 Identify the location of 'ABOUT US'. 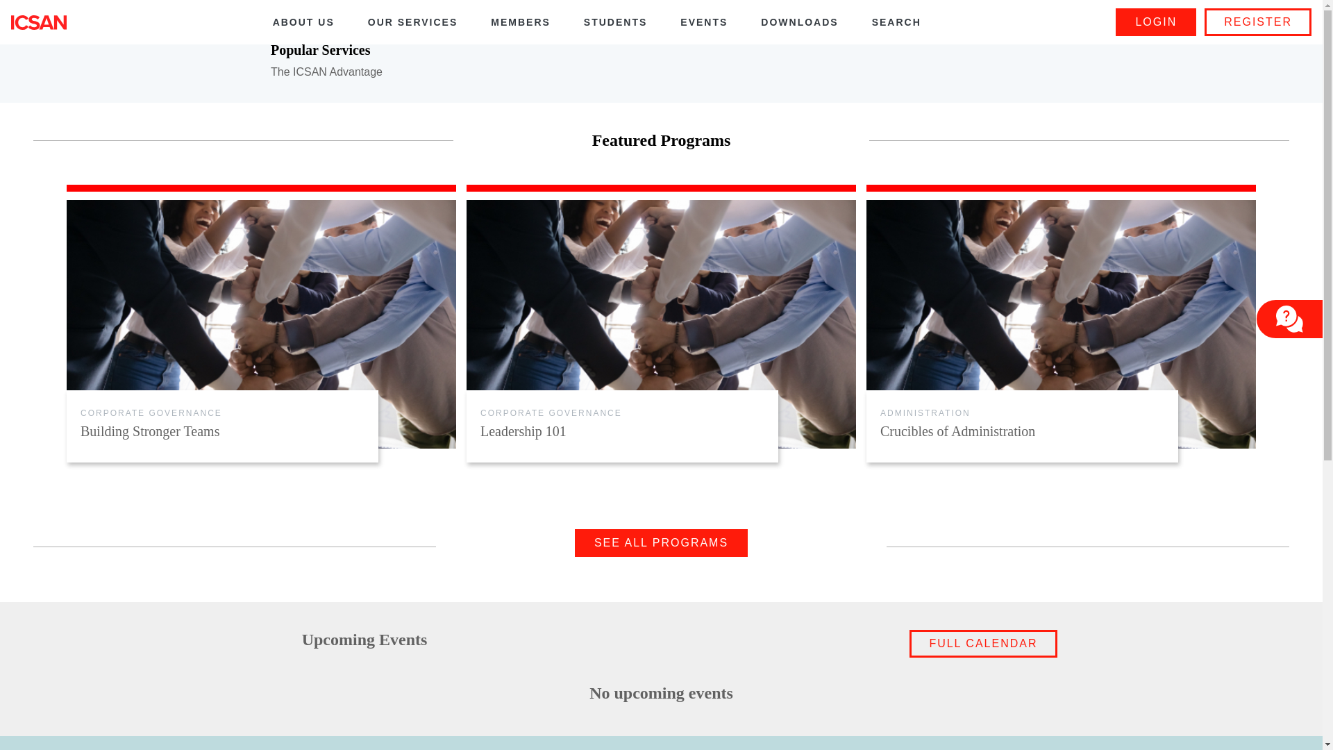
(303, 22).